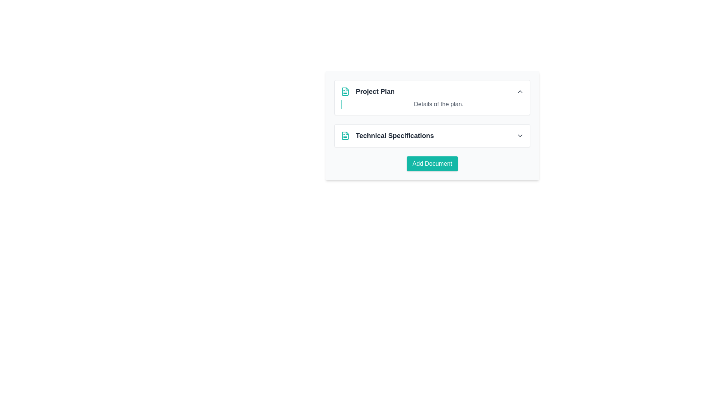 The height and width of the screenshot is (404, 719). Describe the element at coordinates (387, 135) in the screenshot. I see `the Static Label element, which serves as a title or heading for a section detailing technical specifications, located below the 'Project Plan' element` at that location.